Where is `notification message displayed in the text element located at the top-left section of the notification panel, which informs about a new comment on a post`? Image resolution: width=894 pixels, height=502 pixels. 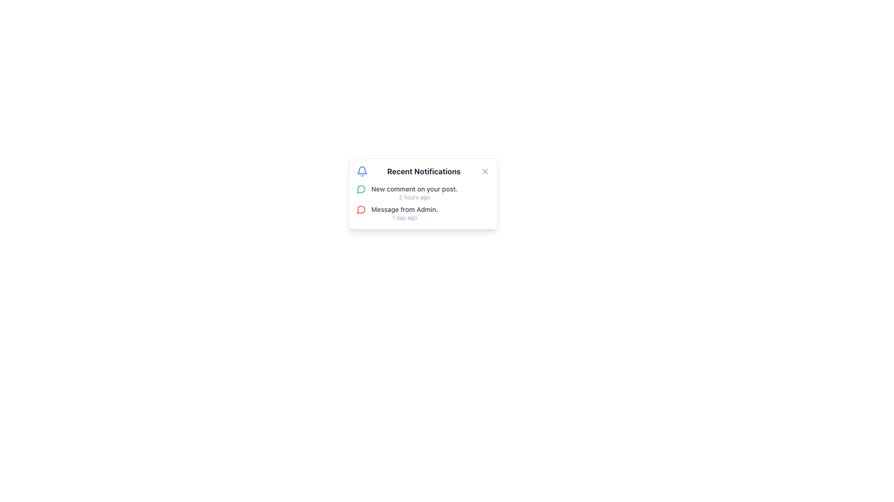
notification message displayed in the text element located at the top-left section of the notification panel, which informs about a new comment on a post is located at coordinates (414, 189).